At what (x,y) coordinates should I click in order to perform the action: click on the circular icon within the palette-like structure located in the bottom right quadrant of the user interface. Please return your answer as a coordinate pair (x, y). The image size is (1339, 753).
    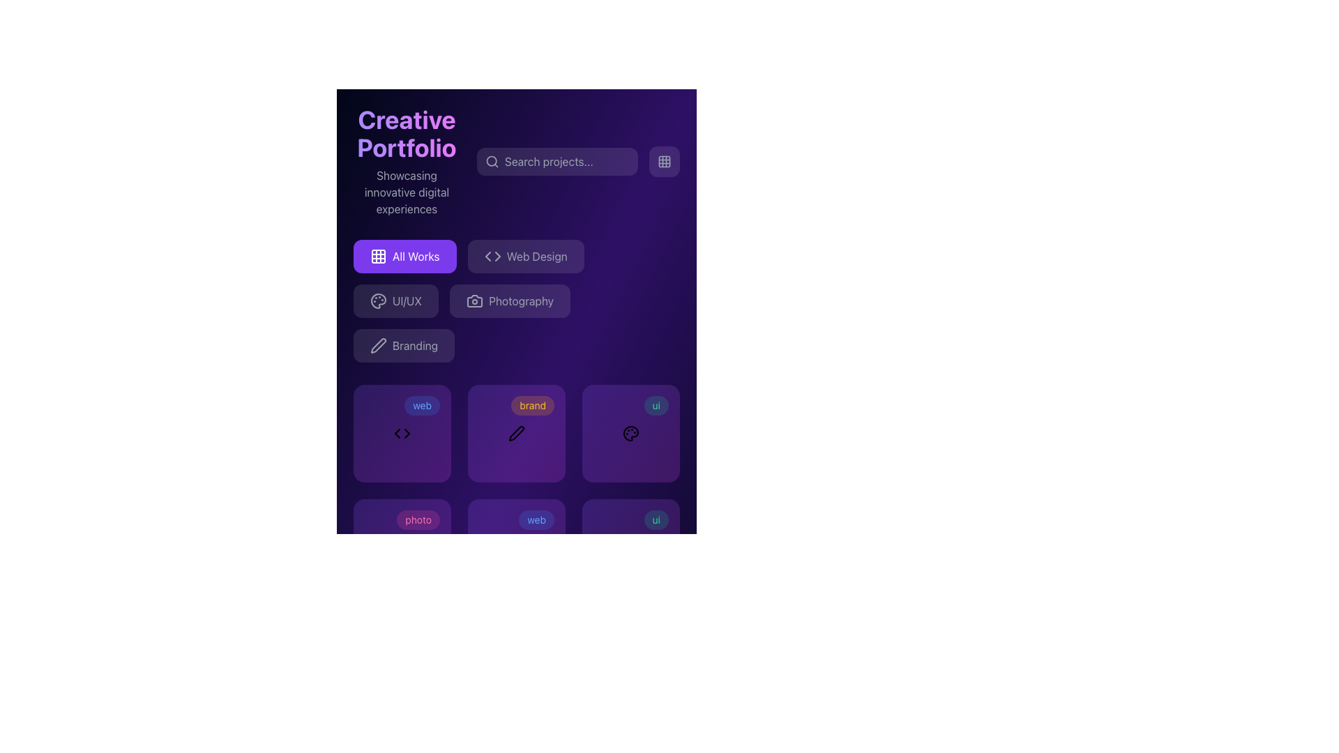
    Looking at the image, I should click on (630, 432).